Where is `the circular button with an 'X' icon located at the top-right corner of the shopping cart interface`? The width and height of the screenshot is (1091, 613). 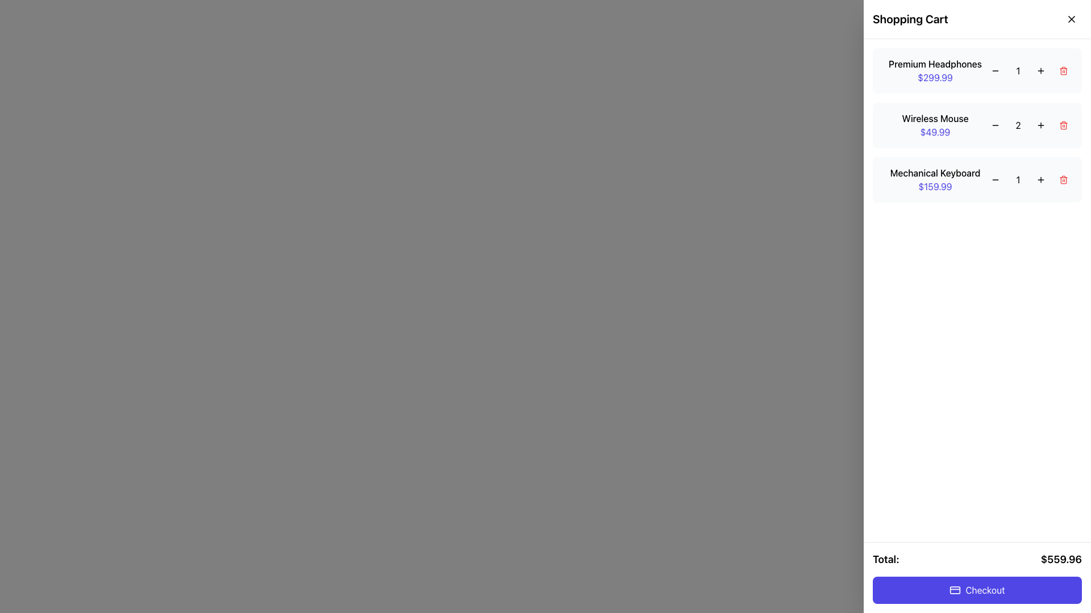 the circular button with an 'X' icon located at the top-right corner of the shopping cart interface is located at coordinates (1068, 22).